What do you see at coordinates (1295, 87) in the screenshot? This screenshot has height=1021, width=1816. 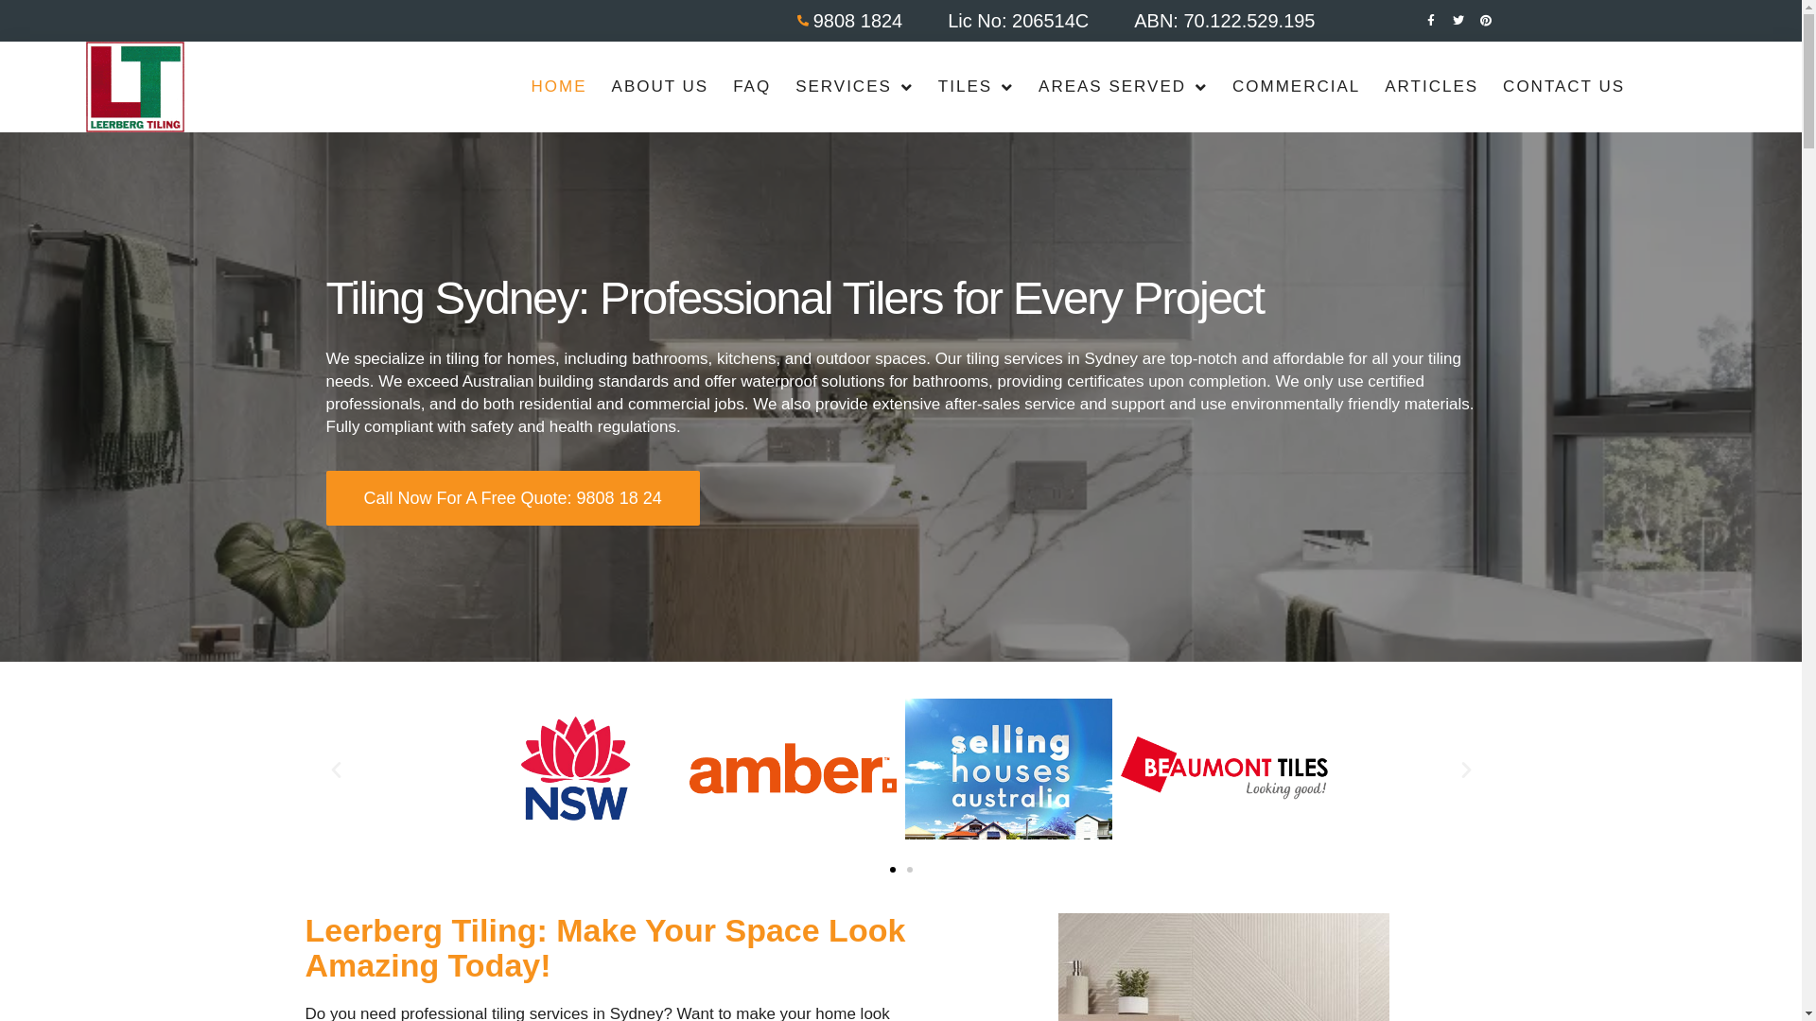 I see `'COMMERCIAL'` at bounding box center [1295, 87].